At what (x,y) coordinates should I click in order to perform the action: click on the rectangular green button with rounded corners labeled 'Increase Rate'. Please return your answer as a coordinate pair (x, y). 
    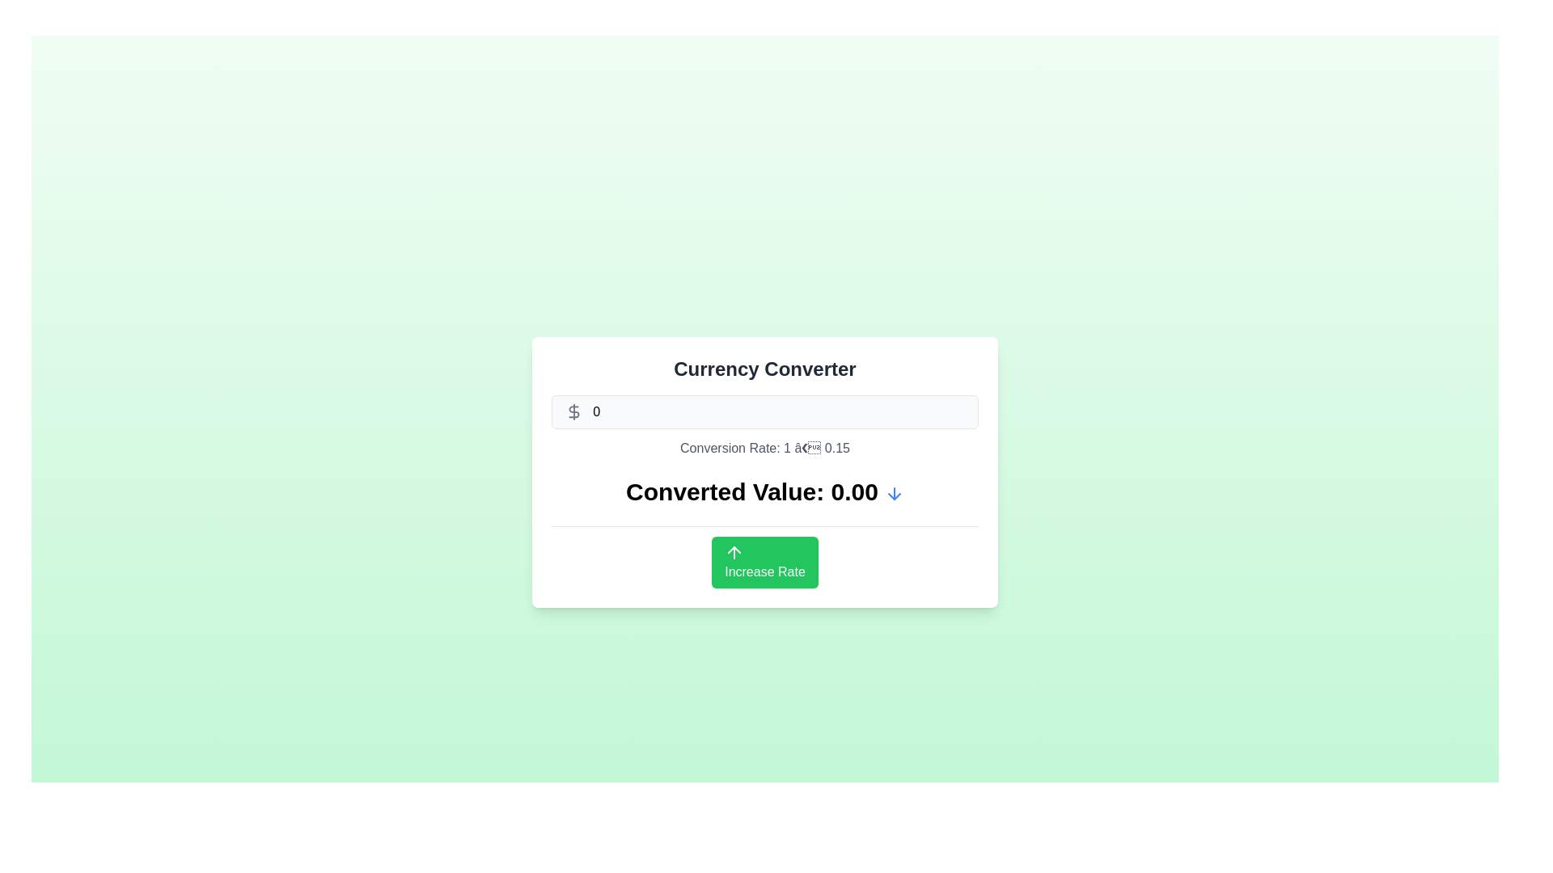
    Looking at the image, I should click on (764, 561).